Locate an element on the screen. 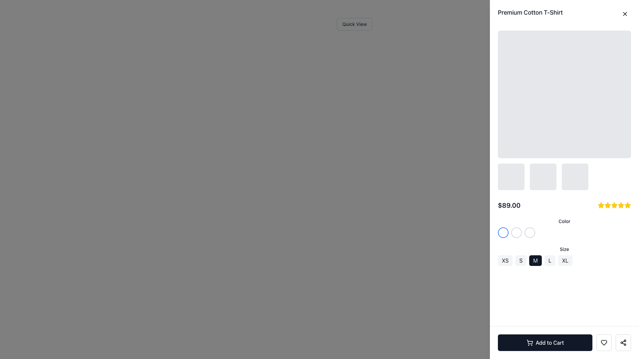 This screenshot has width=639, height=359. the circular button with a cross ('x') symbol at its center is located at coordinates (624, 14).